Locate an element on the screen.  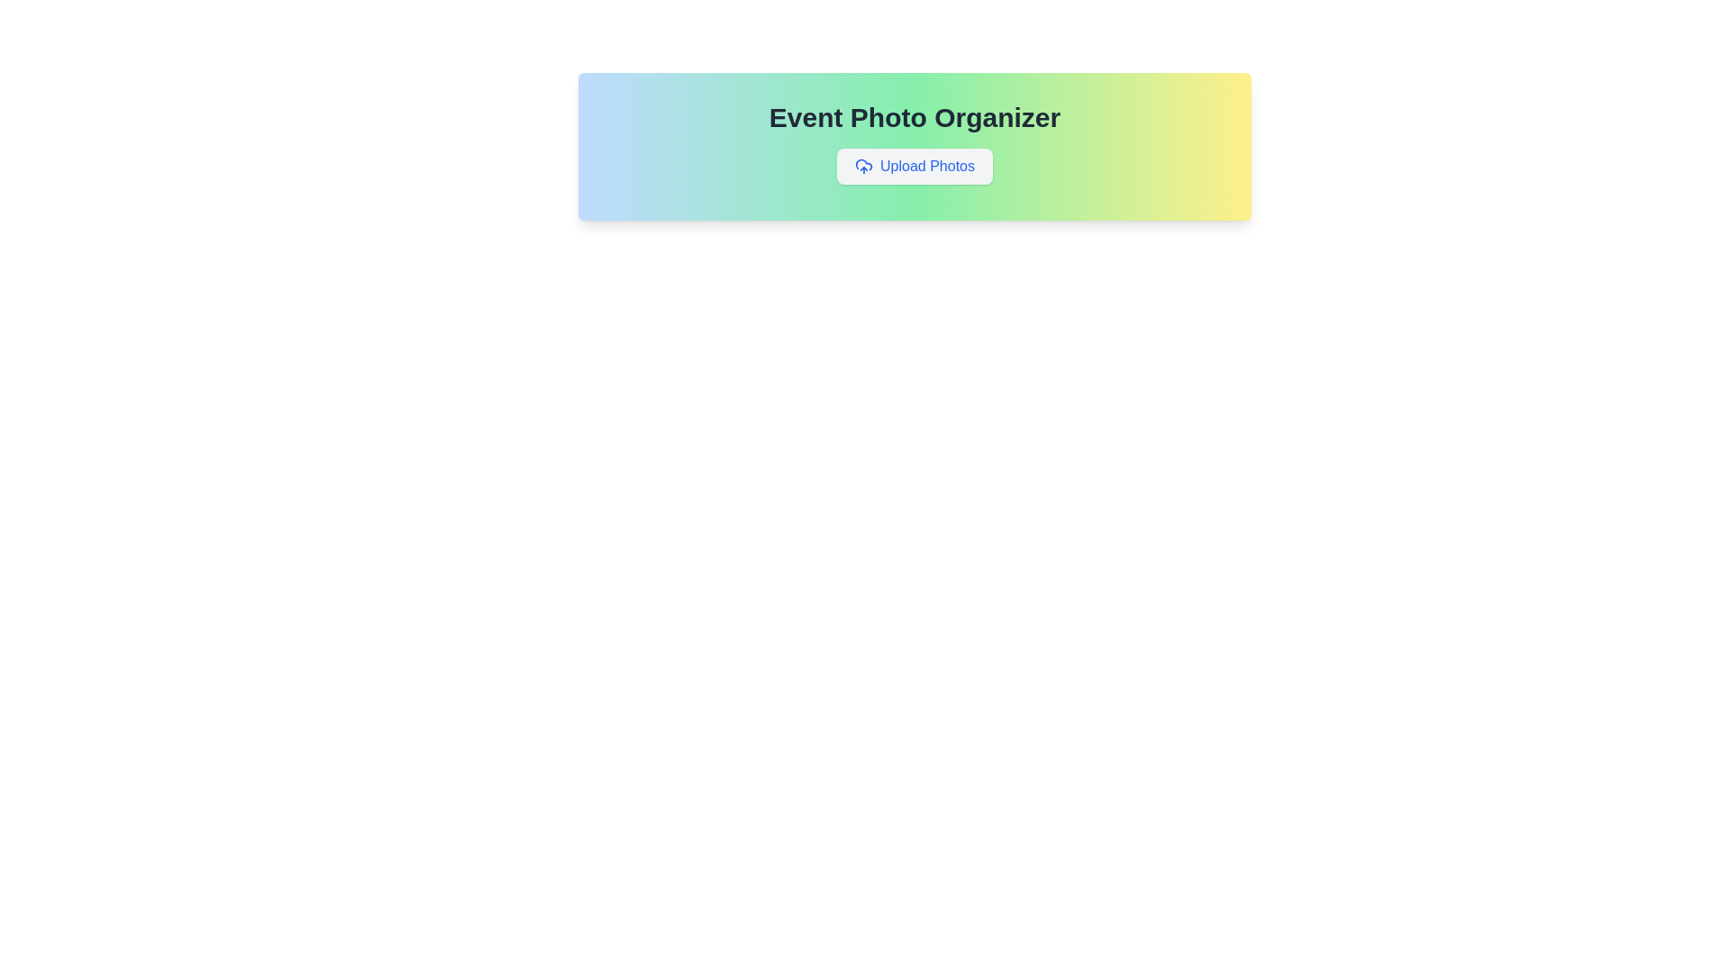
the cloud with upward arrow icon embedded is located at coordinates (863, 167).